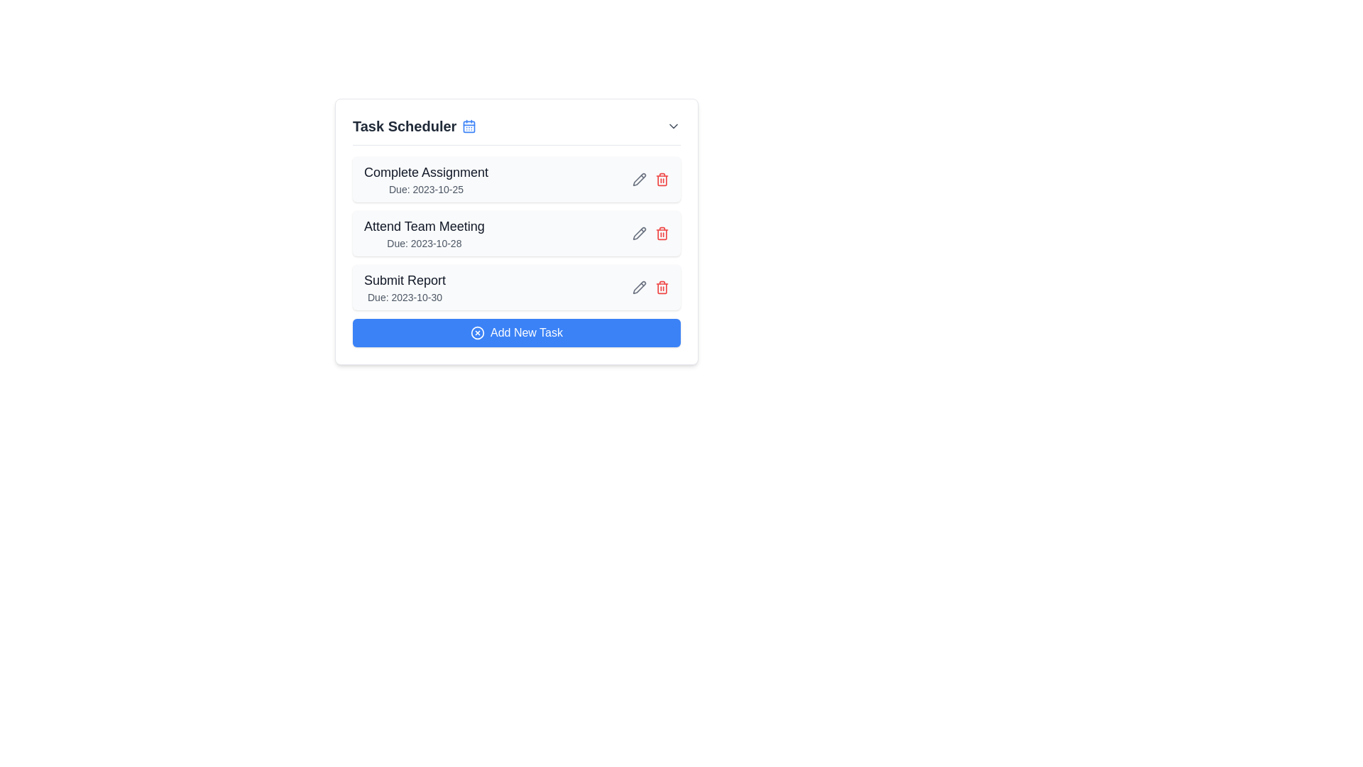 The width and height of the screenshot is (1363, 767). What do you see at coordinates (477, 333) in the screenshot?
I see `the circular icon with a white 'X' symbol inside, located to the left of the 'Add New Task' button` at bounding box center [477, 333].